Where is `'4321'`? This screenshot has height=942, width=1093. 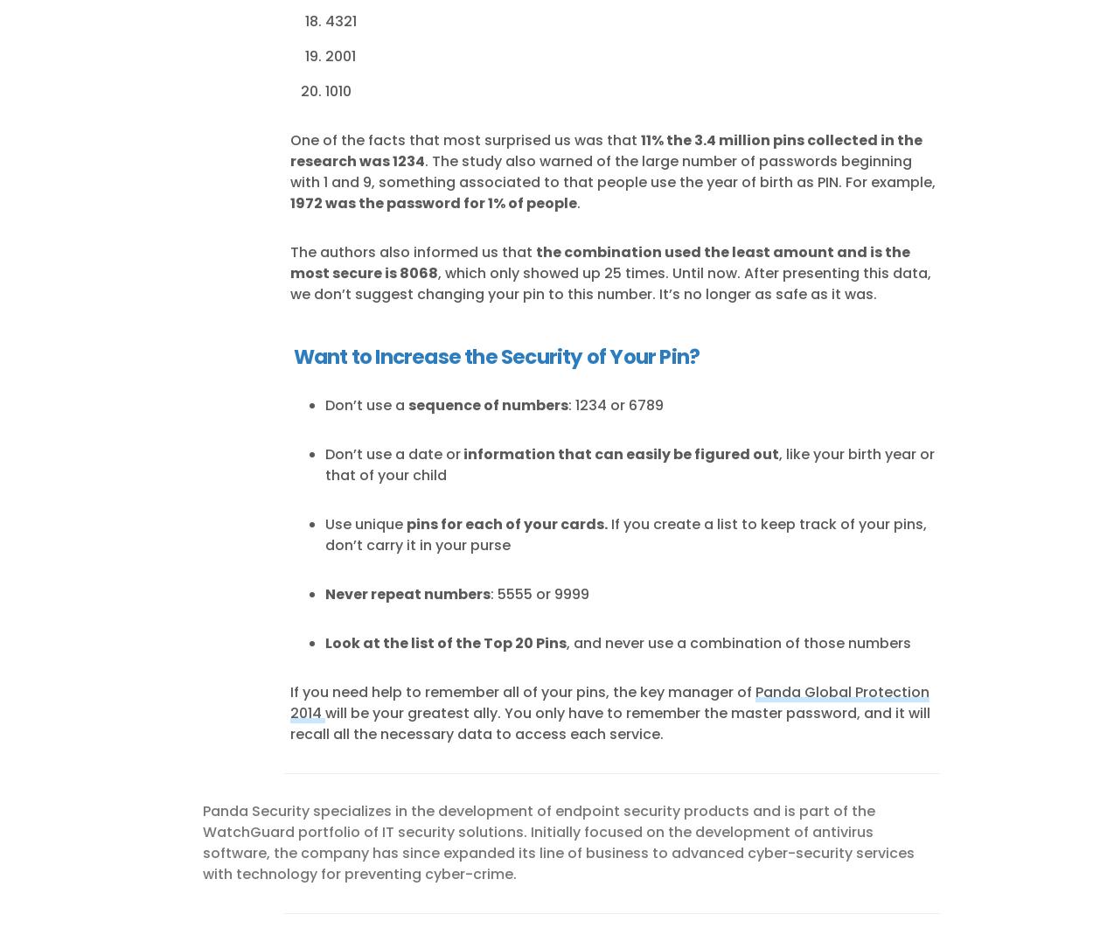
'4321' is located at coordinates (339, 19).